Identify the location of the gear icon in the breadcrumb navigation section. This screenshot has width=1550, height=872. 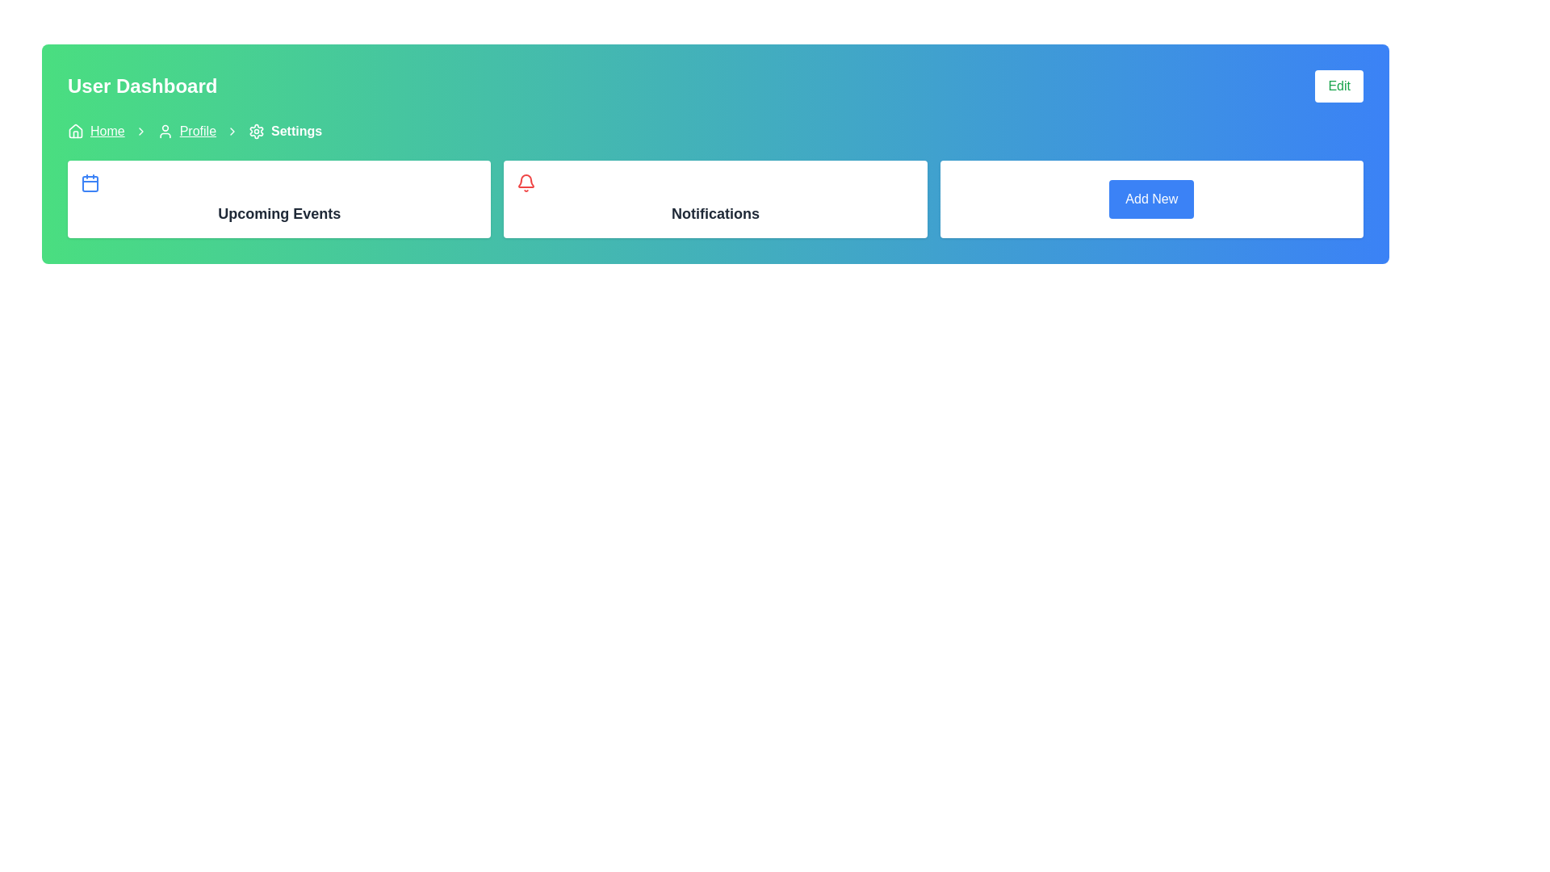
(256, 130).